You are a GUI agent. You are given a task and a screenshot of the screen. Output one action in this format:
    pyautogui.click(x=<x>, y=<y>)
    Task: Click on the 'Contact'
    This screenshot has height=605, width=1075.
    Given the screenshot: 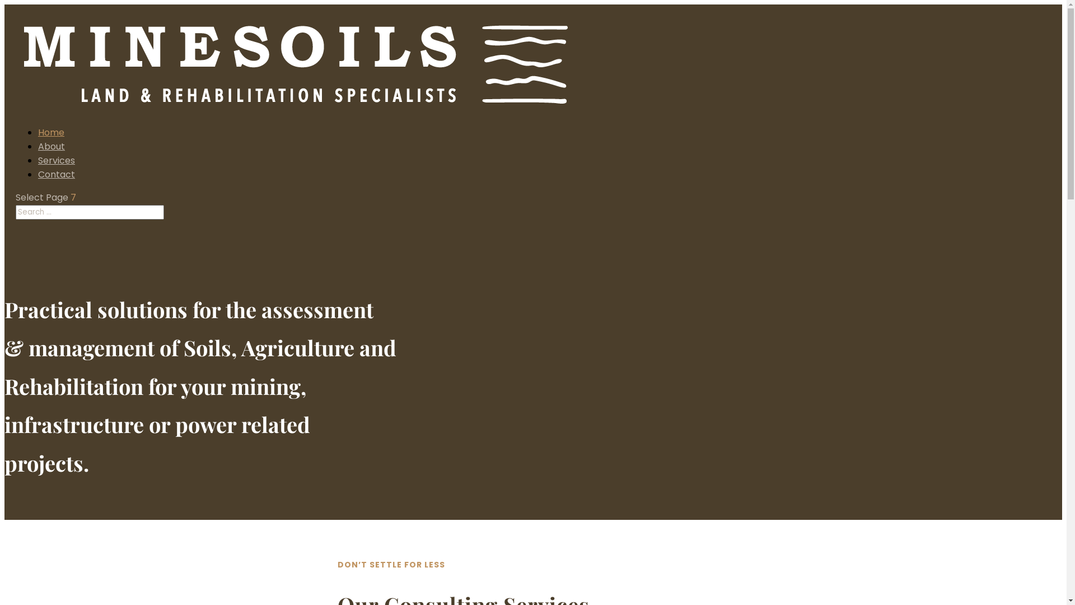 What is the action you would take?
    pyautogui.click(x=55, y=174)
    